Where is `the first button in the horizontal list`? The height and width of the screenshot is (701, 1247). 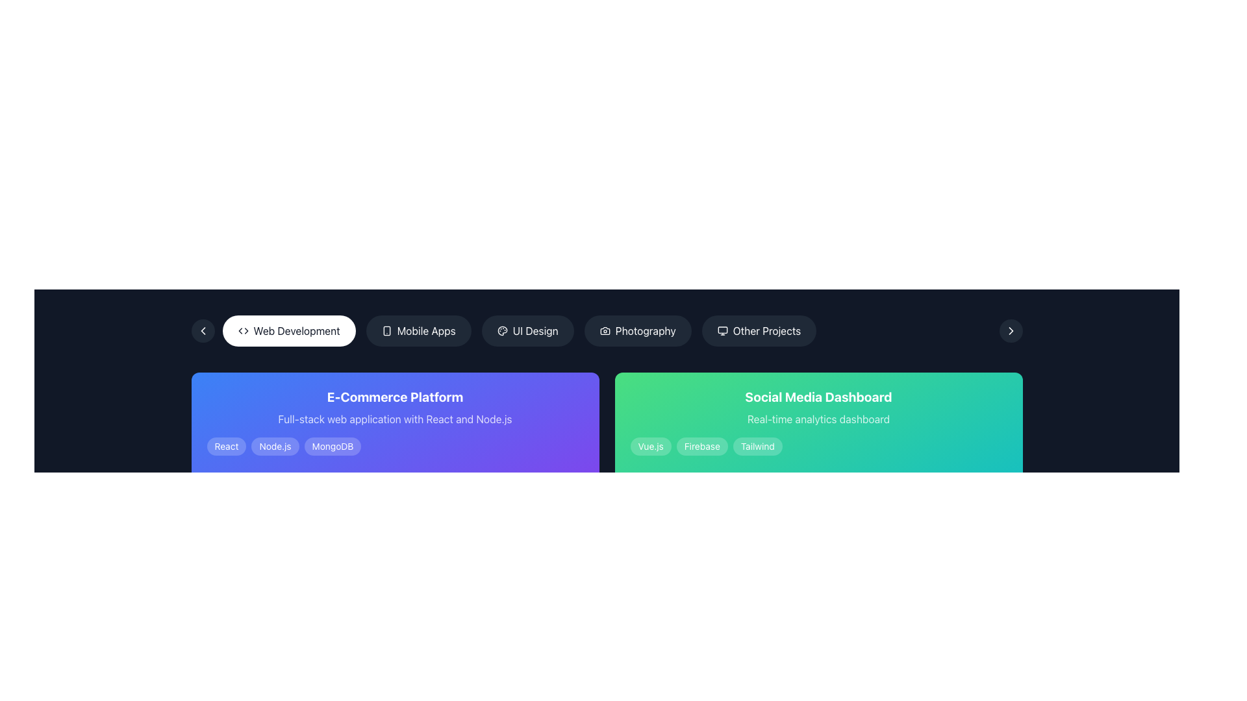
the first button in the horizontal list is located at coordinates (288, 330).